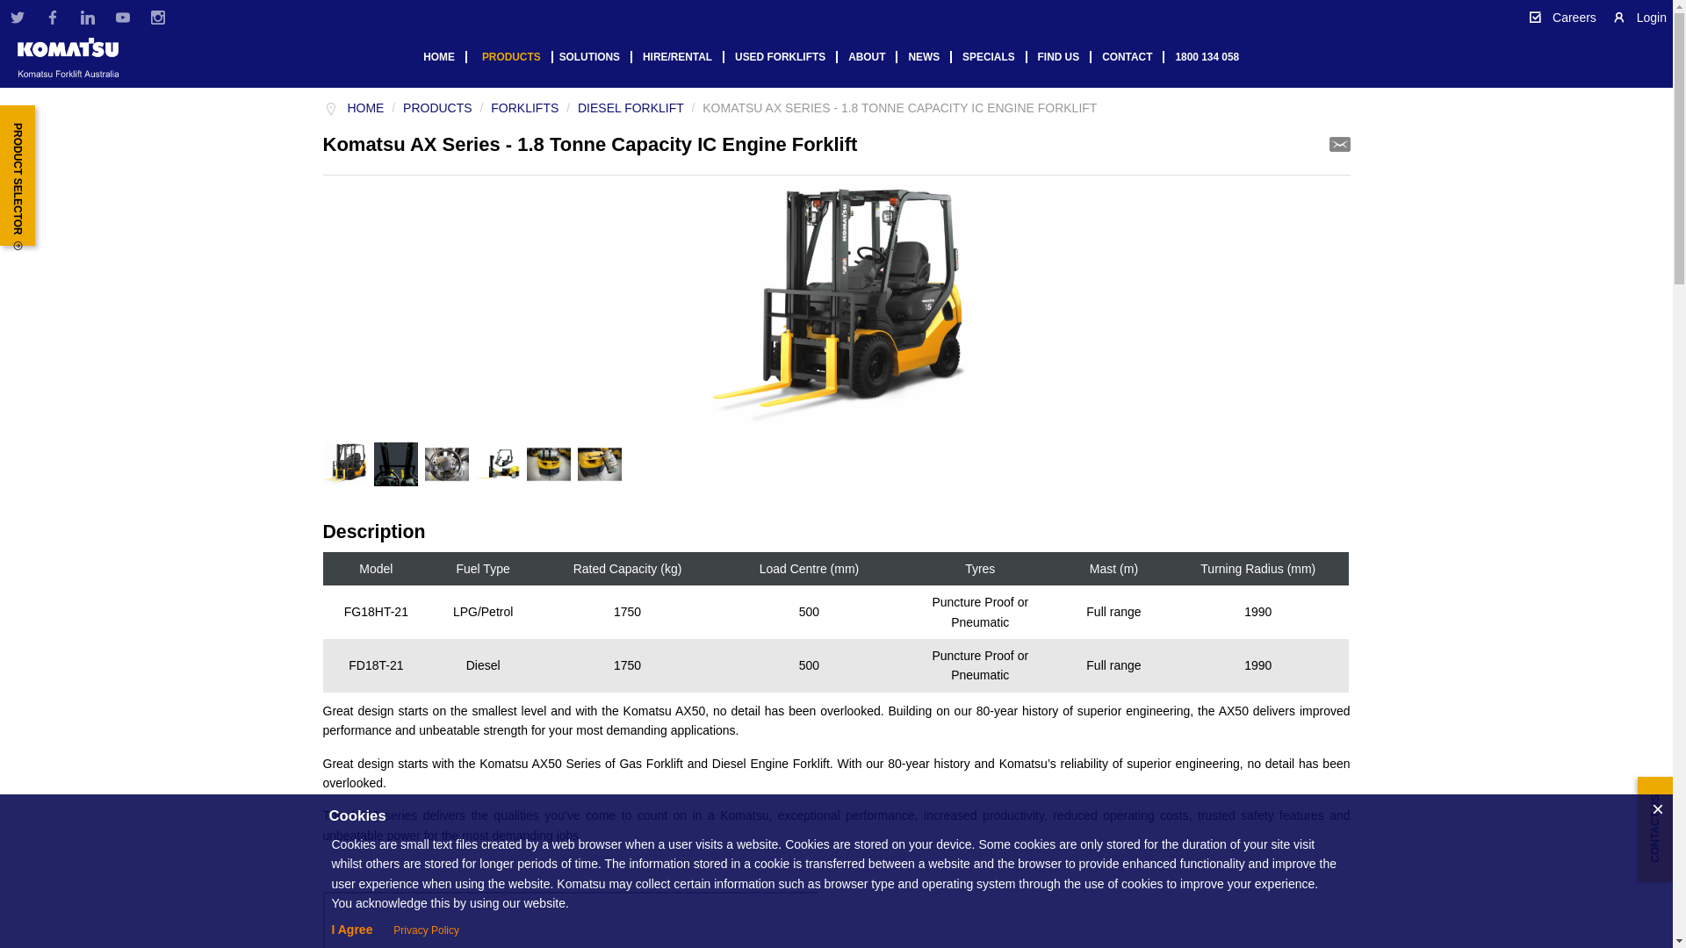 The height and width of the screenshot is (948, 1686). What do you see at coordinates (903, 56) in the screenshot?
I see `'NEWS'` at bounding box center [903, 56].